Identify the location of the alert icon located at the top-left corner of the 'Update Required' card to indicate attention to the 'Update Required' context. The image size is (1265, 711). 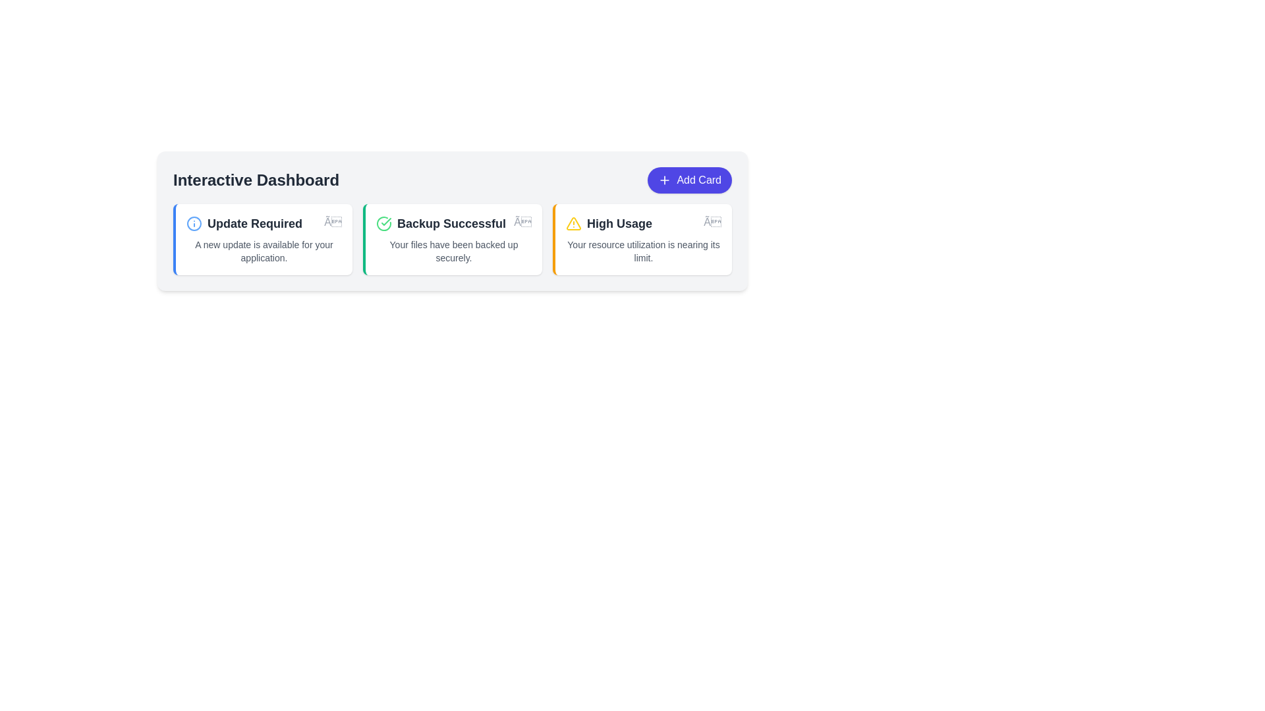
(193, 223).